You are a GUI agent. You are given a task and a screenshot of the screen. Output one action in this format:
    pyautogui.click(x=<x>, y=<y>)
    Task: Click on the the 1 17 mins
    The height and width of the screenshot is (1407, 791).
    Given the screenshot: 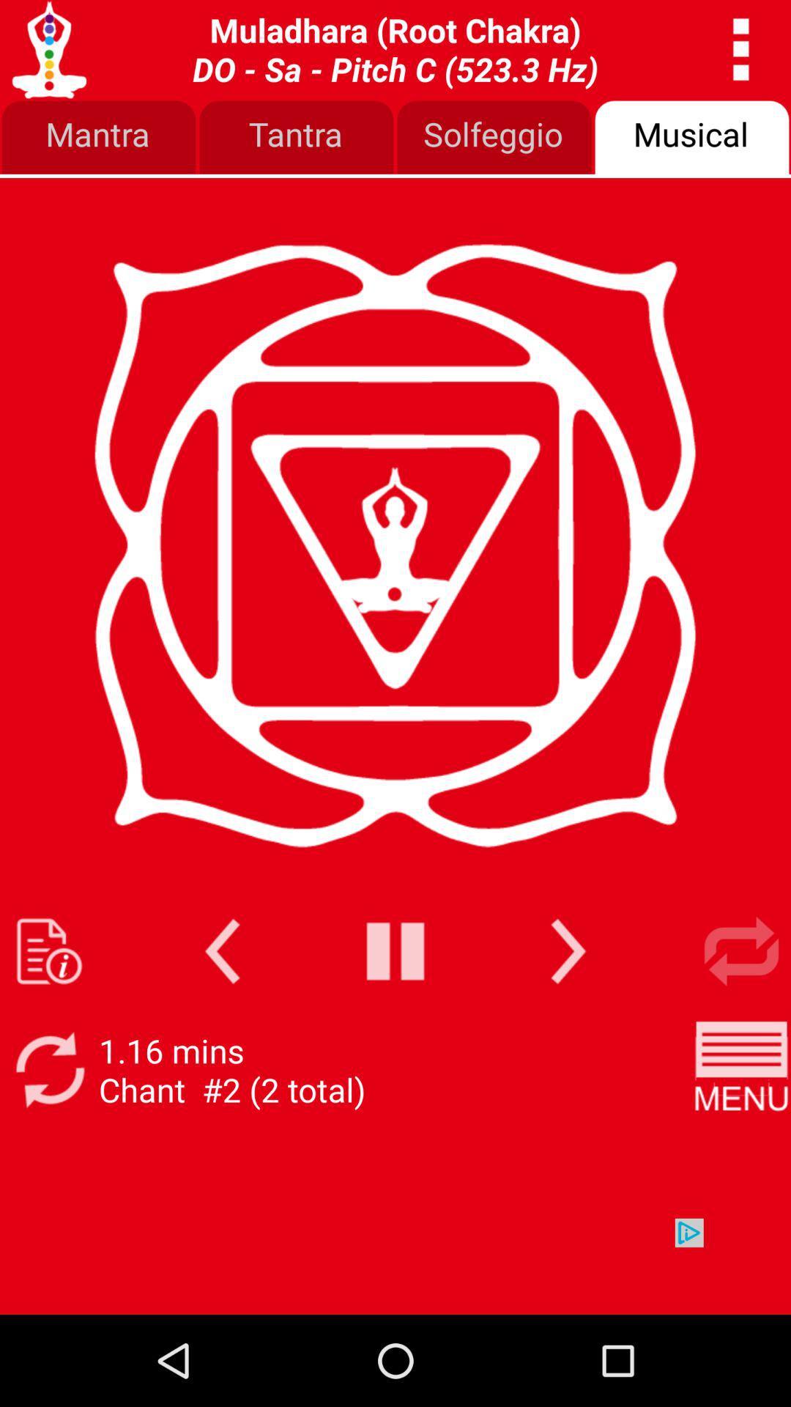 What is the action you would take?
    pyautogui.click(x=231, y=1070)
    